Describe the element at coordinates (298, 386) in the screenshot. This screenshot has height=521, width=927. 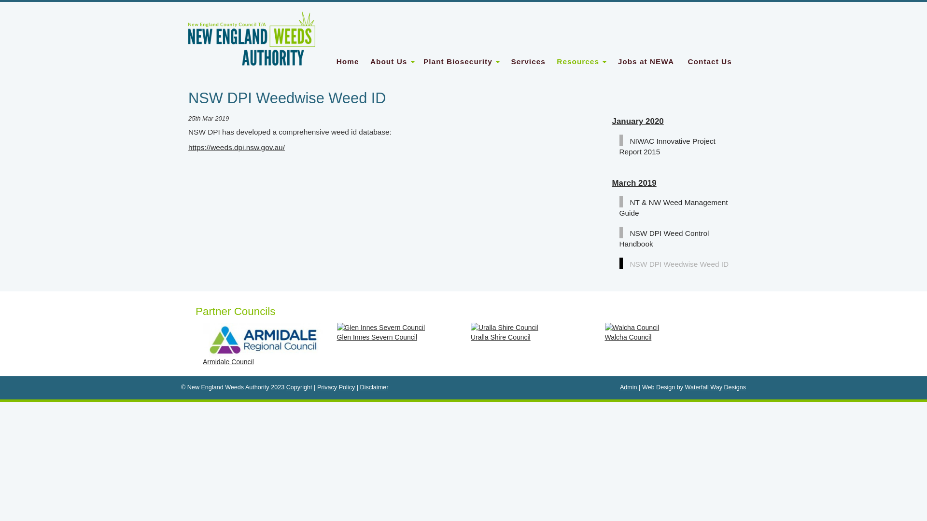
I see `'Copyright'` at that location.